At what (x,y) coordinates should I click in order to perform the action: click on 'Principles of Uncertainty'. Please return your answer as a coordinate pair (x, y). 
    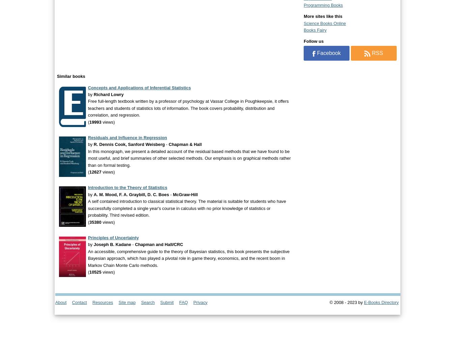
    Looking at the image, I should click on (113, 237).